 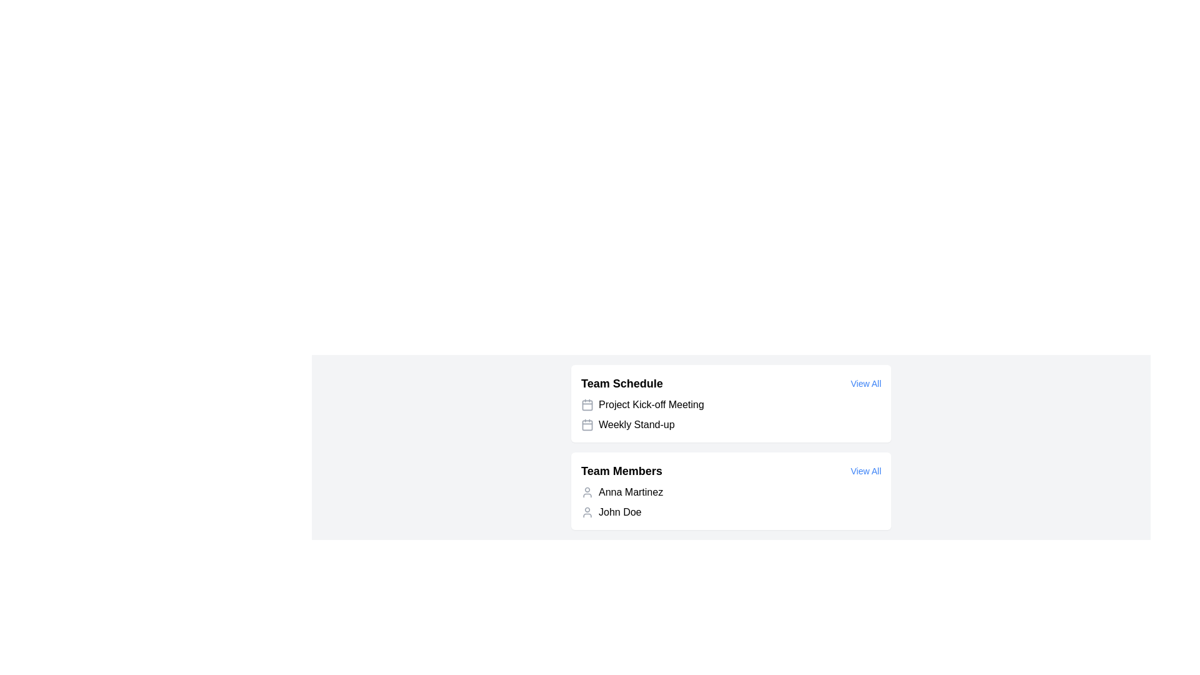 What do you see at coordinates (620, 512) in the screenshot?
I see `the text 'John Doe' located in the 'Team Members' section, which appears below 'Anna Martinez' and to the right of the user avatar icon` at bounding box center [620, 512].